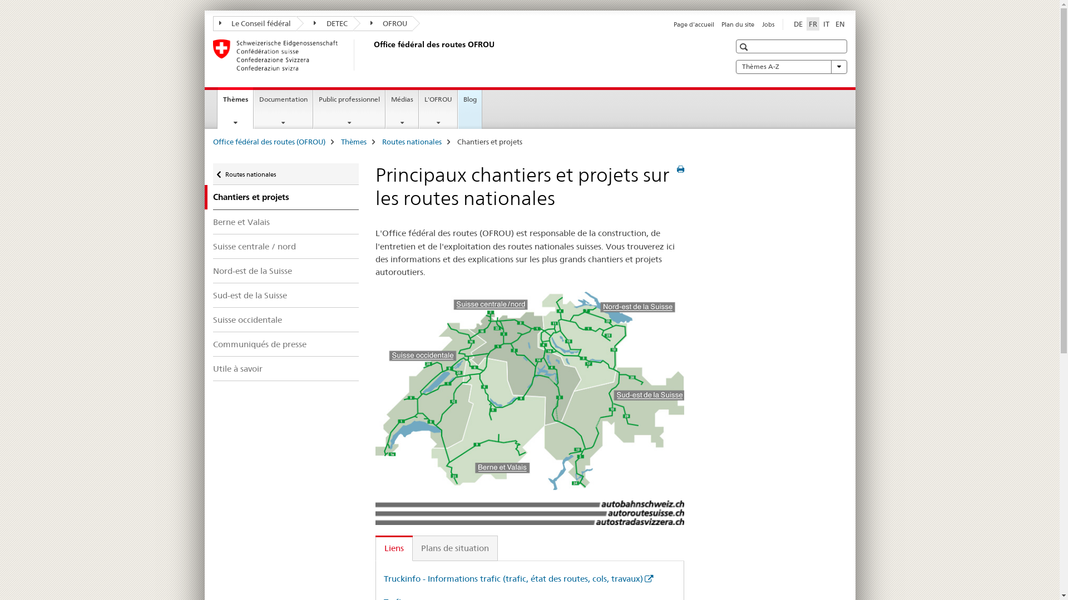 This screenshot has width=1068, height=600. Describe the element at coordinates (283, 109) in the screenshot. I see `'Documentation'` at that location.